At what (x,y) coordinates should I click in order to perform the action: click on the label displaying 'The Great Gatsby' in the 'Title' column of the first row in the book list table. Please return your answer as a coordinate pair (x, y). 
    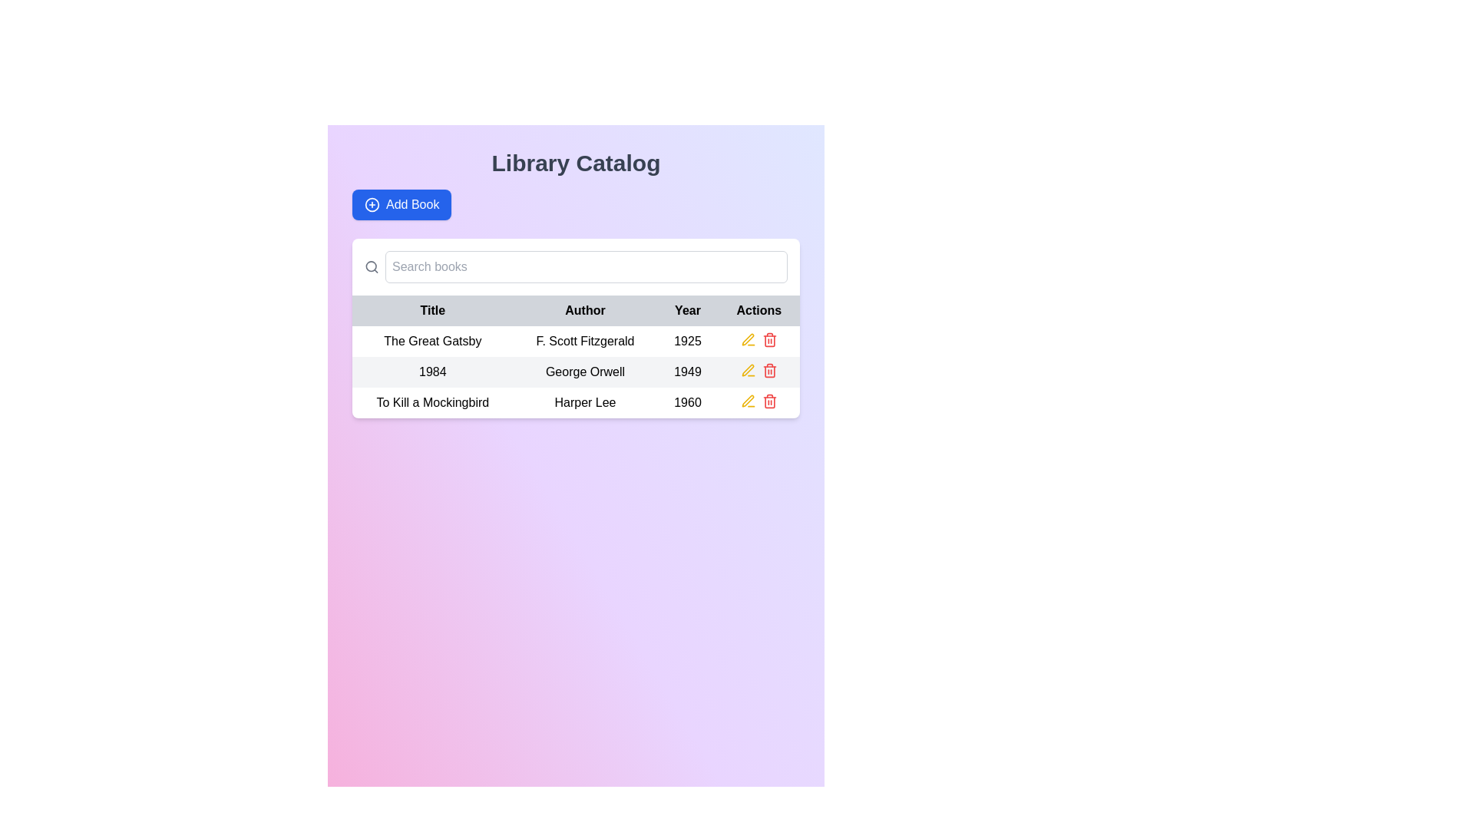
    Looking at the image, I should click on (431, 340).